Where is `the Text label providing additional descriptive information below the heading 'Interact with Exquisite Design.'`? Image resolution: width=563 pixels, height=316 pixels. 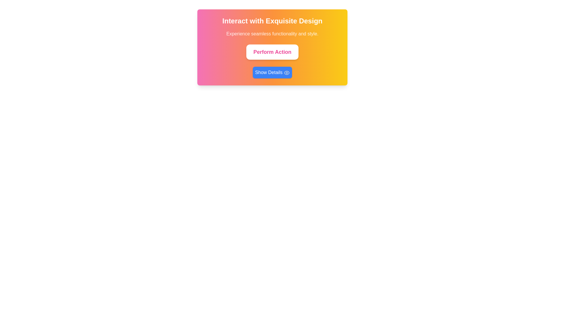
the Text label providing additional descriptive information below the heading 'Interact with Exquisite Design.' is located at coordinates (272, 34).